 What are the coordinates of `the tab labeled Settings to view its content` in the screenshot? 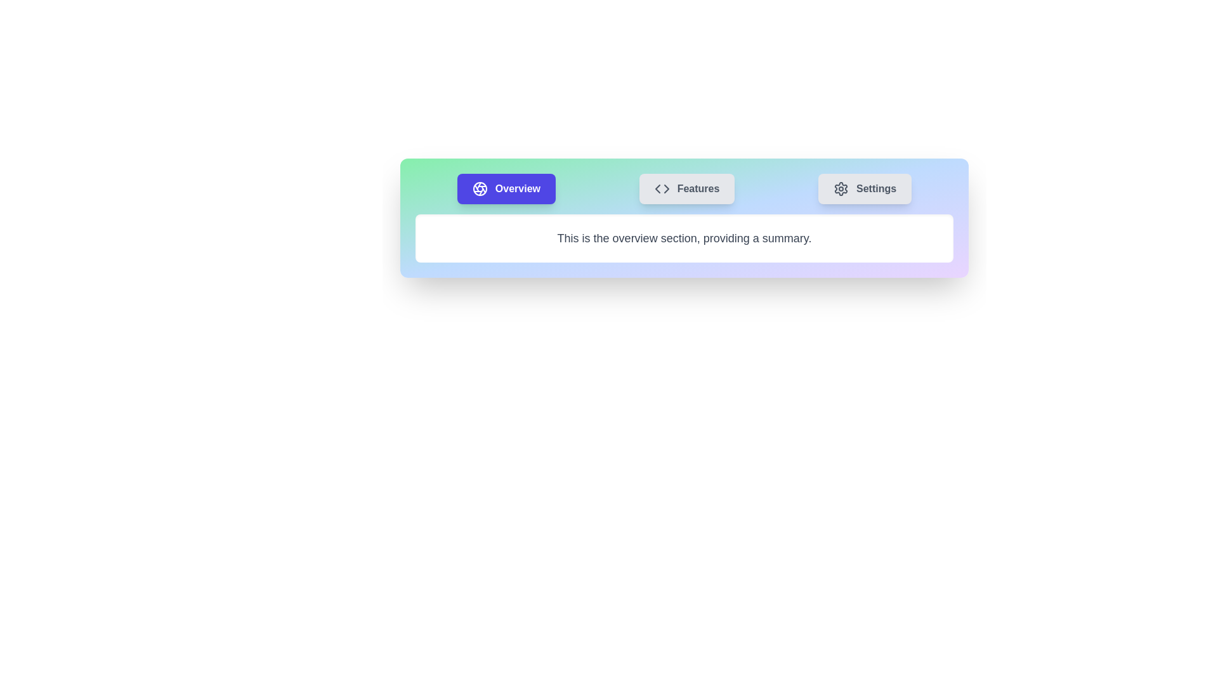 It's located at (864, 188).